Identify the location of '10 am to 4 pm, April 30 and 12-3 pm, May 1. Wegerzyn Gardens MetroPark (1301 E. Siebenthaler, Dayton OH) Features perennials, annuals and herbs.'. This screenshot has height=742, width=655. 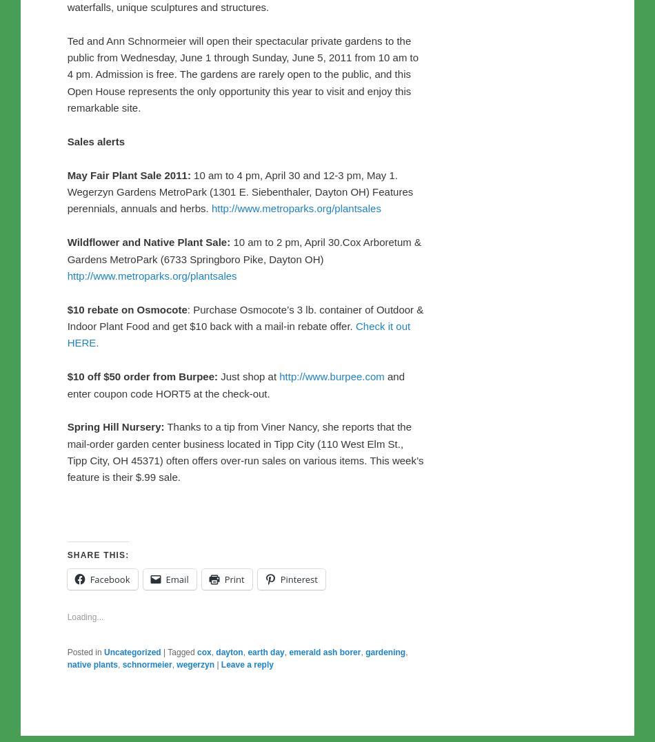
(66, 480).